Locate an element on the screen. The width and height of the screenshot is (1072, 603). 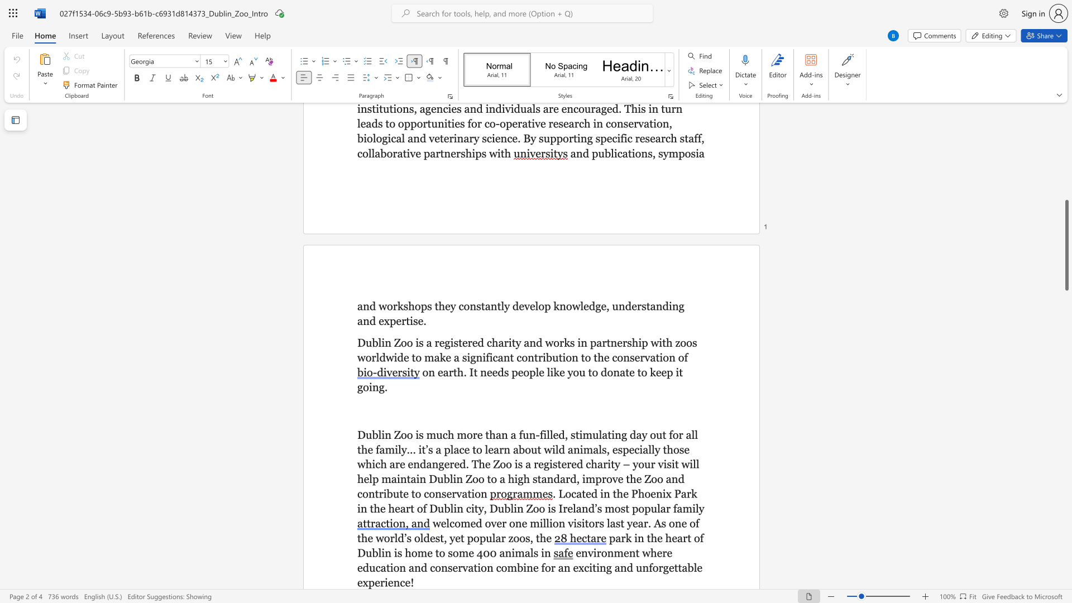
the 5th character "r" in the text is located at coordinates (661, 567).